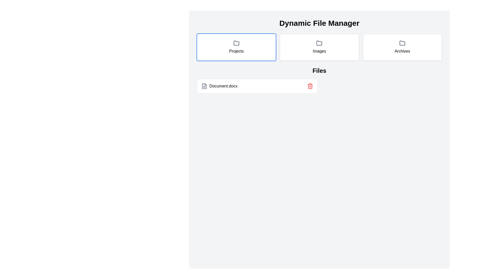 The width and height of the screenshot is (485, 273). What do you see at coordinates (236, 51) in the screenshot?
I see `the 'Projects' text label located underneath the folder icon in the first column of the top row of cards` at bounding box center [236, 51].